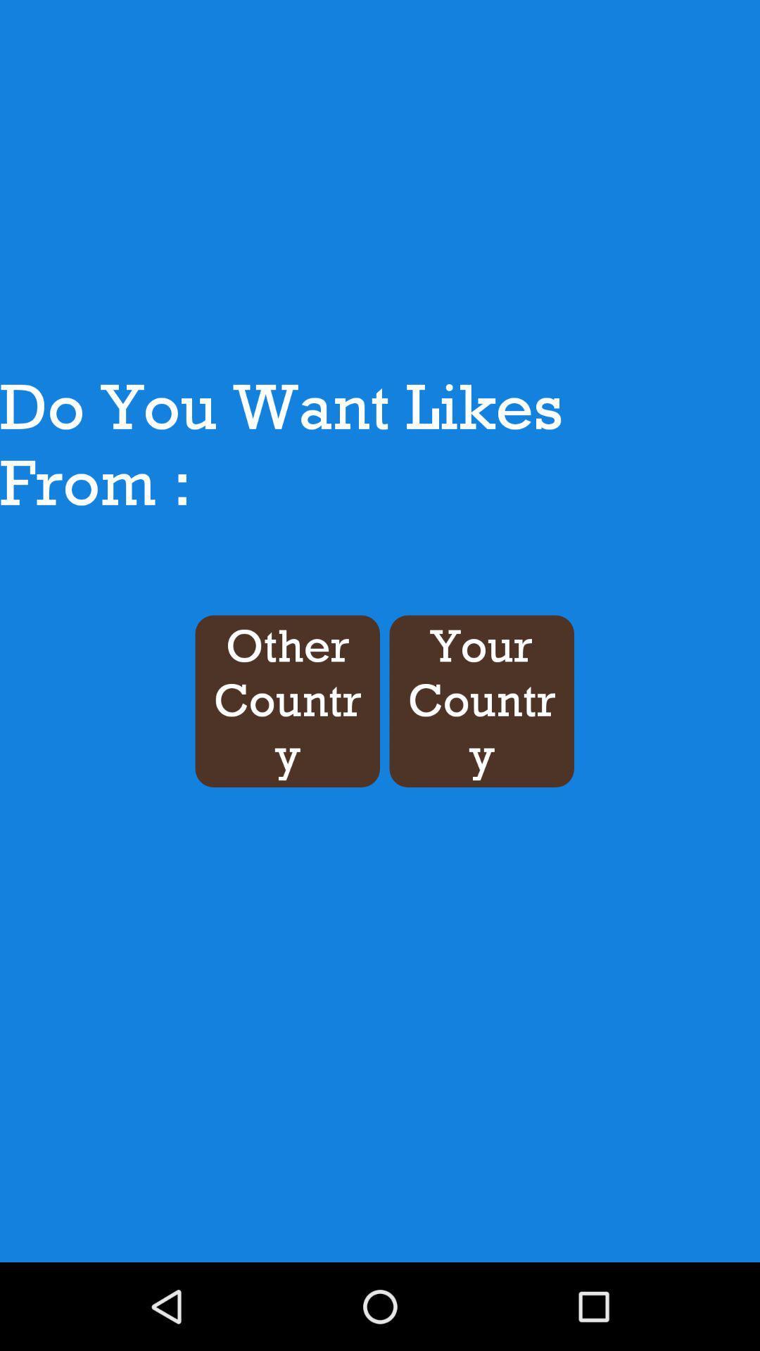 The width and height of the screenshot is (760, 1351). Describe the element at coordinates (286, 701) in the screenshot. I see `the button to the left of the your country icon` at that location.